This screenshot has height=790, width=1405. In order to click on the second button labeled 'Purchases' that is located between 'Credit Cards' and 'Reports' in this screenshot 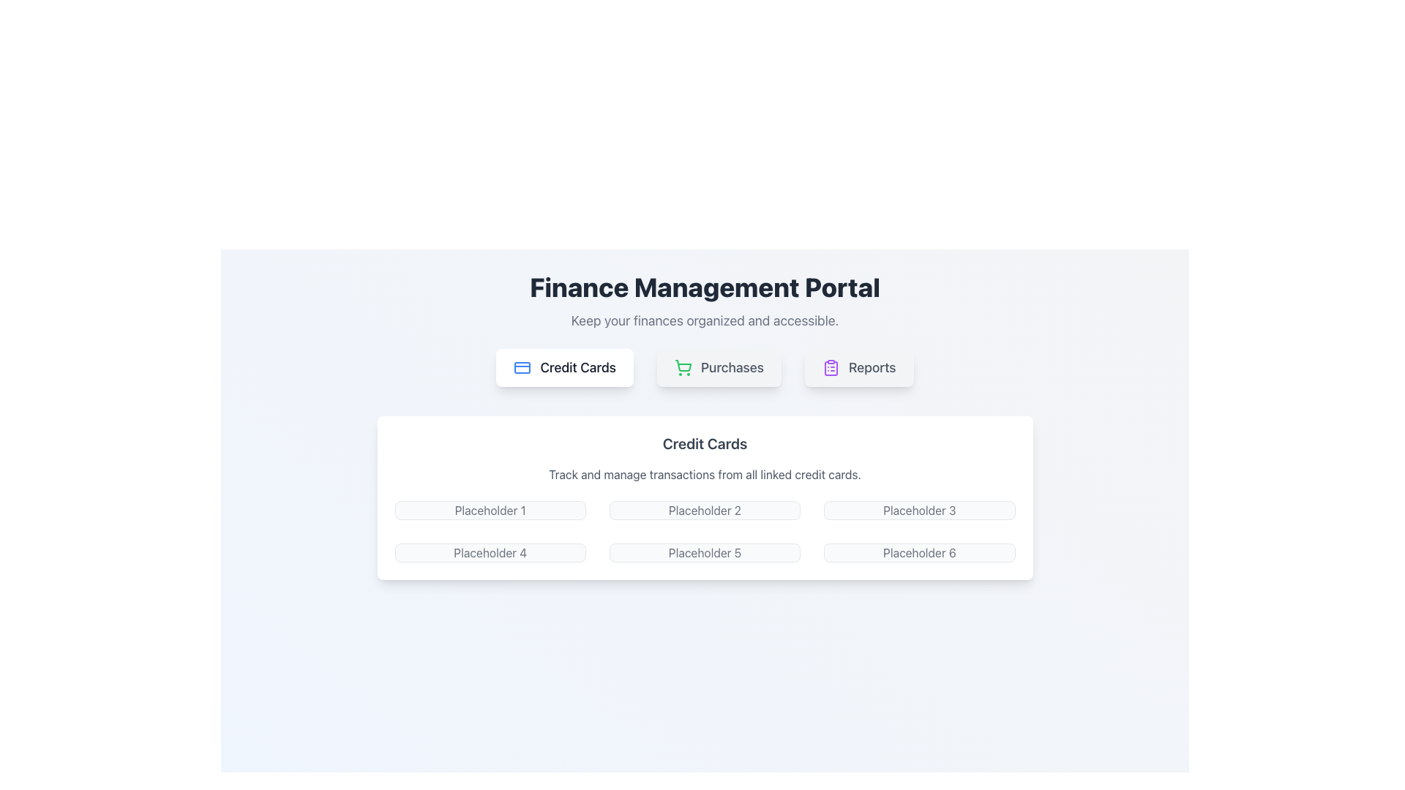, I will do `click(719, 366)`.